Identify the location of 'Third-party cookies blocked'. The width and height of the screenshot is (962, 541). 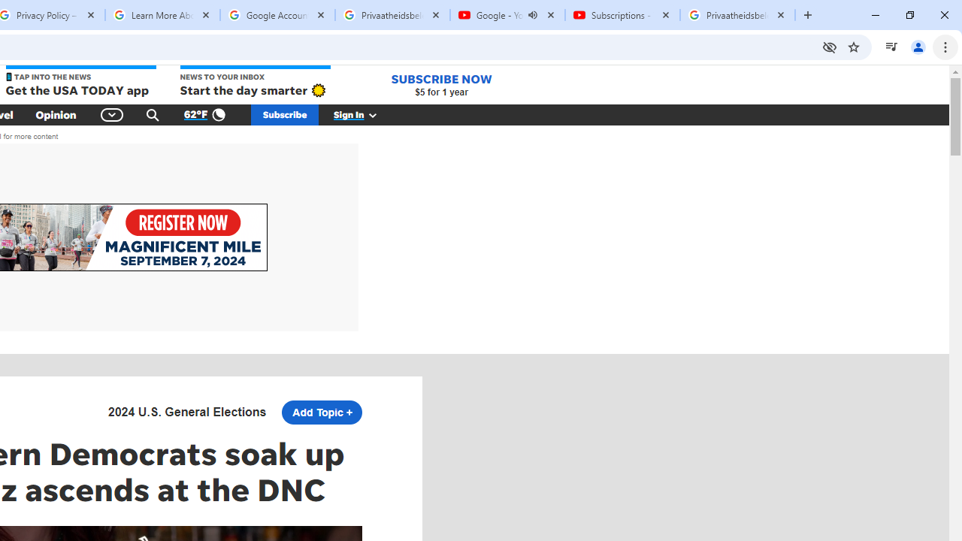
(829, 46).